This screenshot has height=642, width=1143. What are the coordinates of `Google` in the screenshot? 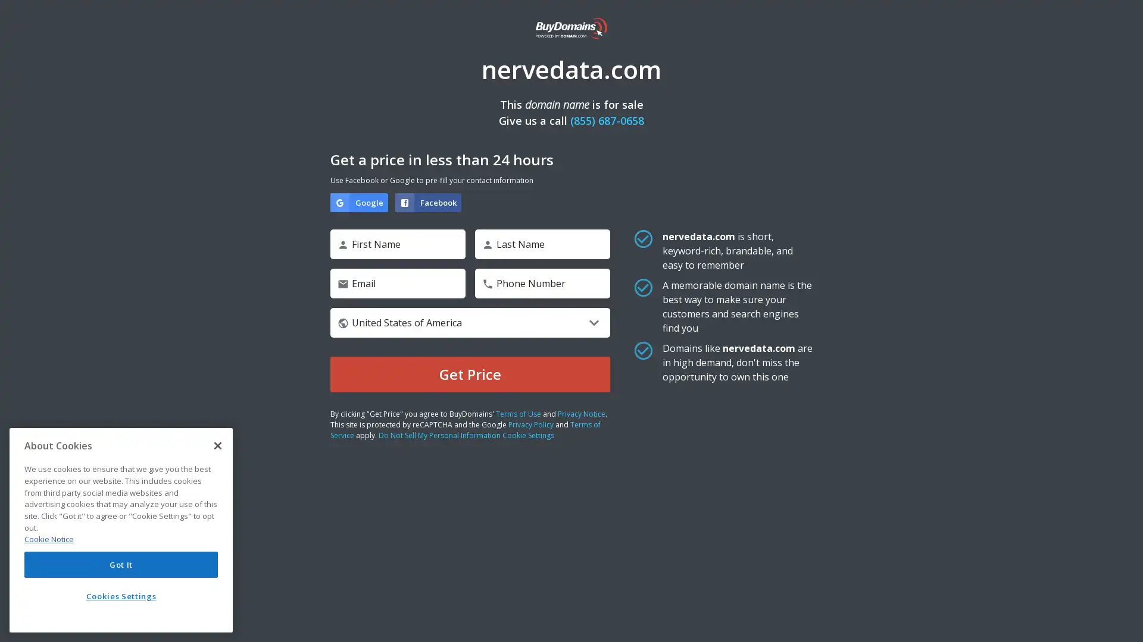 It's located at (358, 202).